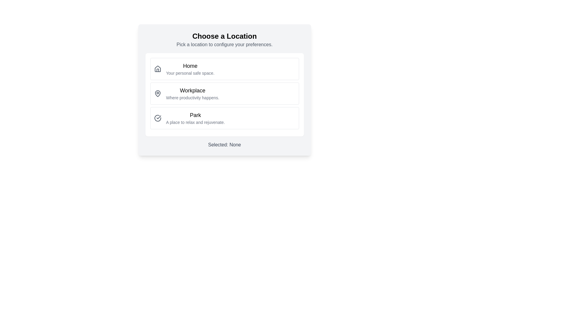 The height and width of the screenshot is (324, 576). What do you see at coordinates (224, 69) in the screenshot?
I see `the 'Home' selectable menu option, which is the first option in the 'Choose a Location' menu` at bounding box center [224, 69].